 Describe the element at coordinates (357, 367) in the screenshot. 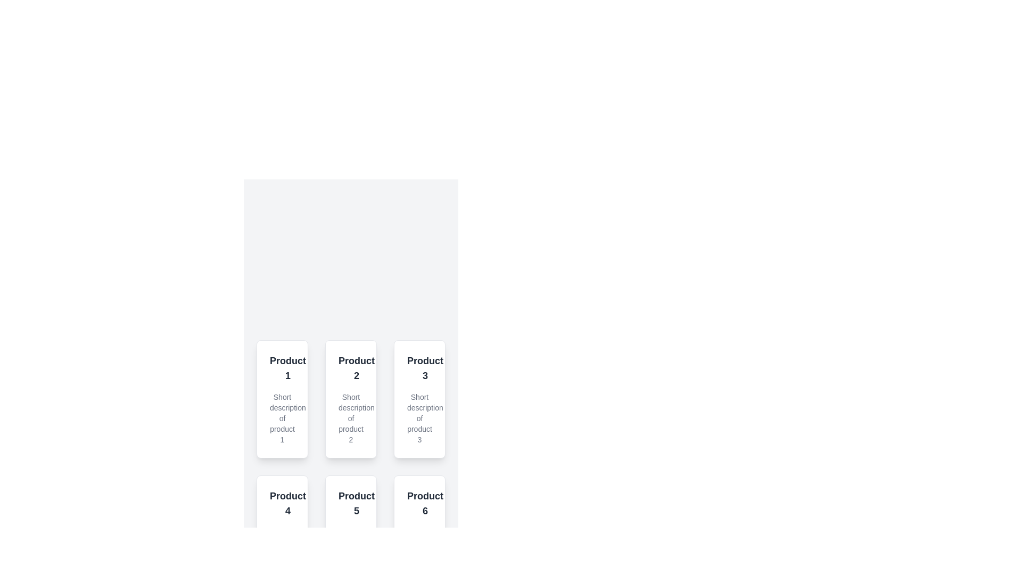

I see `the text label displaying 'Product 2', which is styled with bold typography and dark gray color, located in the second column of the grid, on the first row of card elements` at that location.